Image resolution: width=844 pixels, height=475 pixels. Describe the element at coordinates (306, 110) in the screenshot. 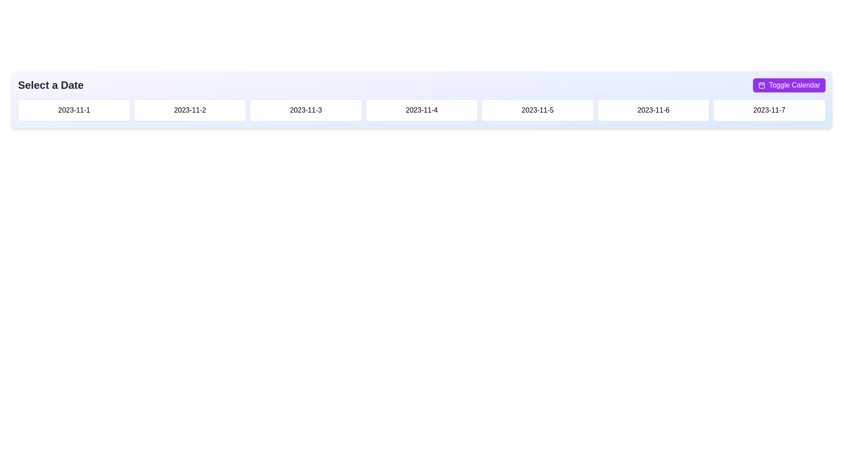

I see `the date button displaying '2023-11-3'` at that location.